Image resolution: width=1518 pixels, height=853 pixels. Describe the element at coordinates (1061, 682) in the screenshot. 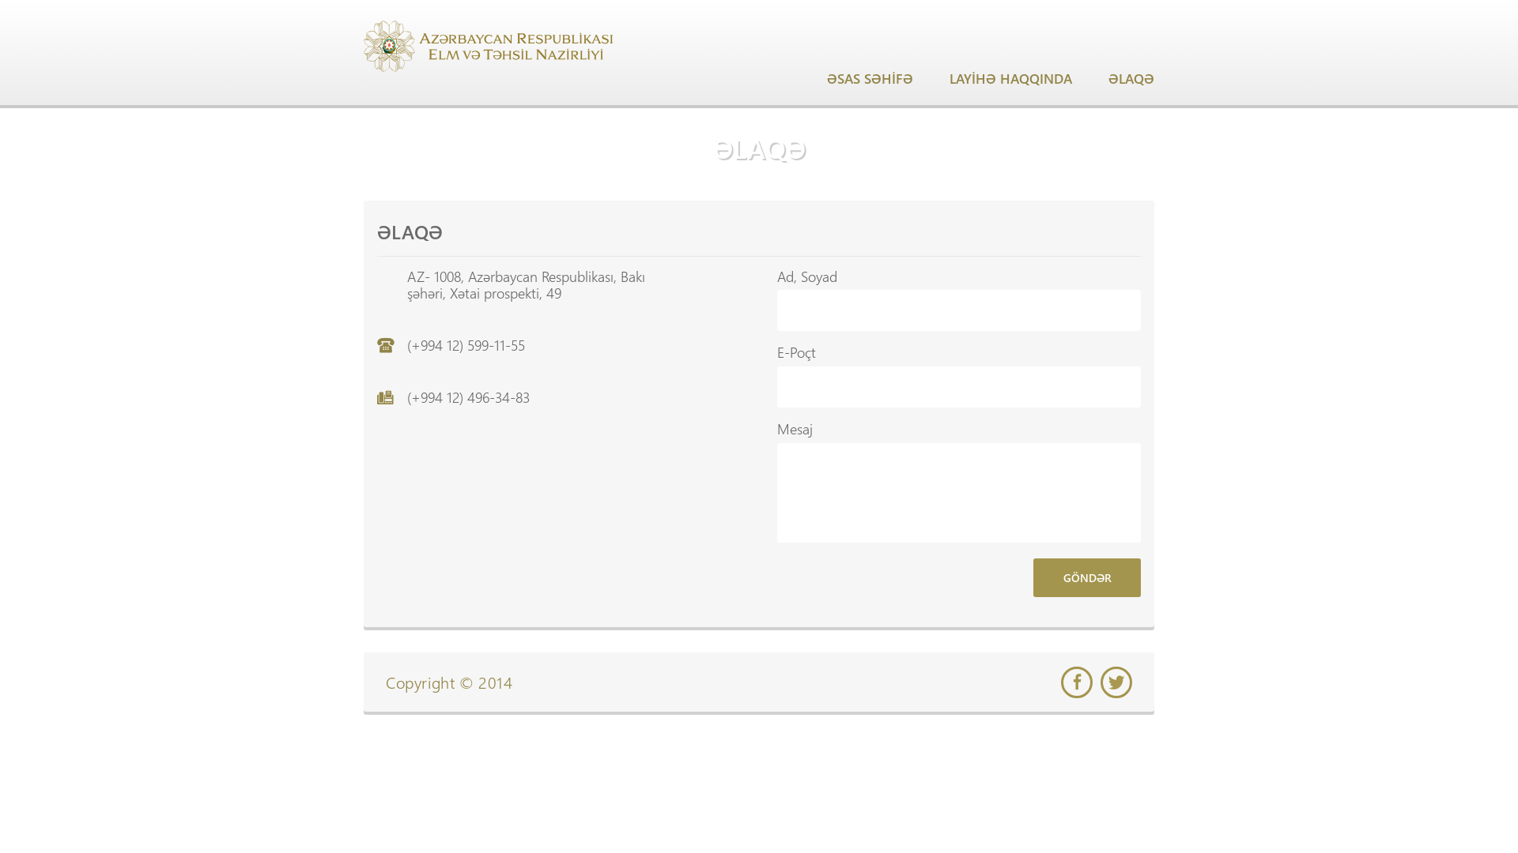

I see `'Facebook'` at that location.